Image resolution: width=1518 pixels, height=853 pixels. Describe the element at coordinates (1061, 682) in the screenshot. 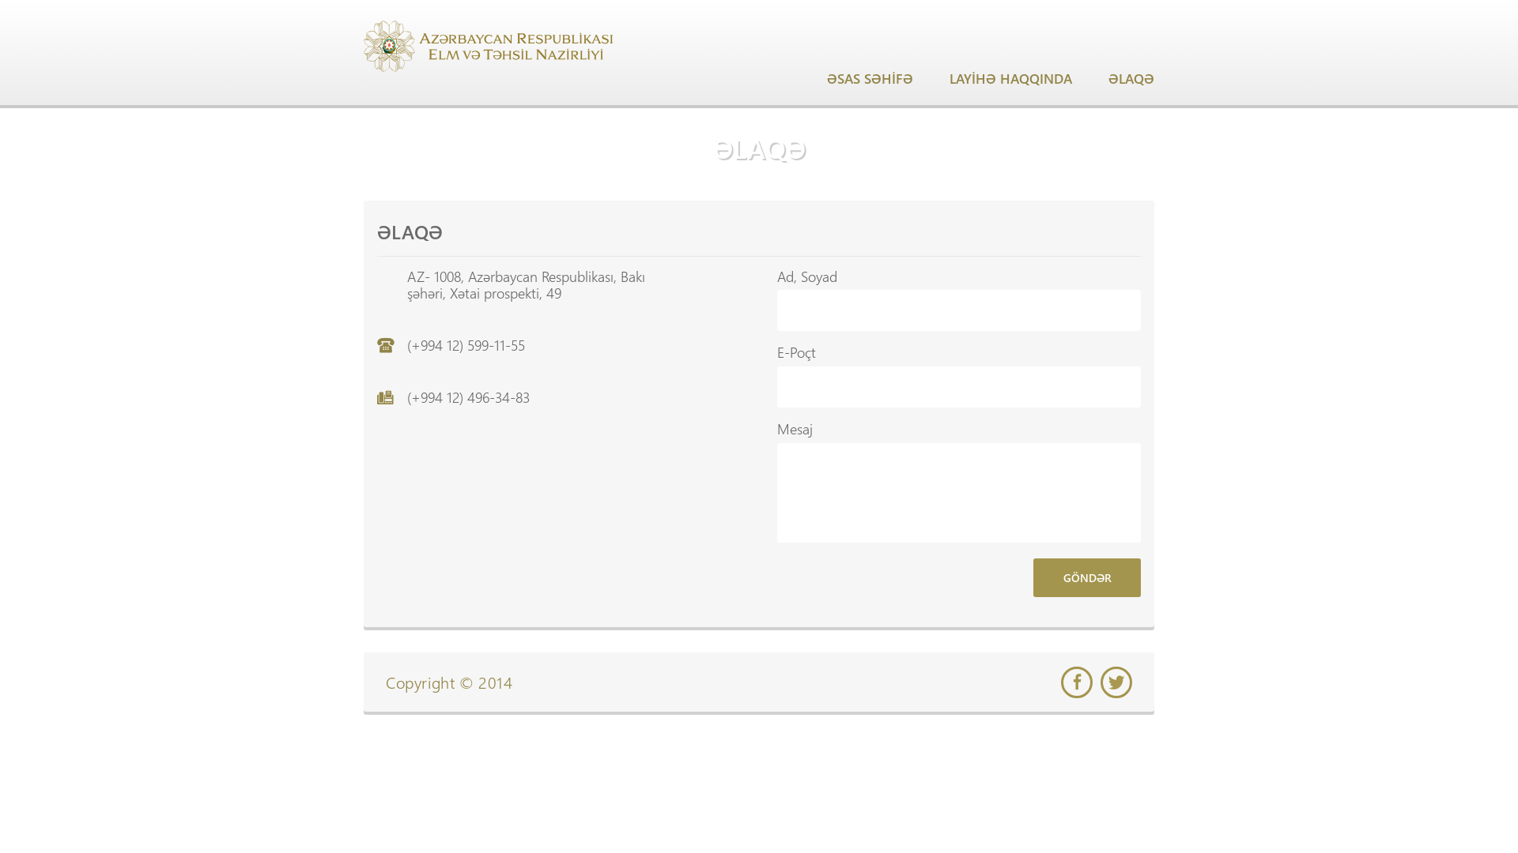

I see `'Facebook'` at that location.